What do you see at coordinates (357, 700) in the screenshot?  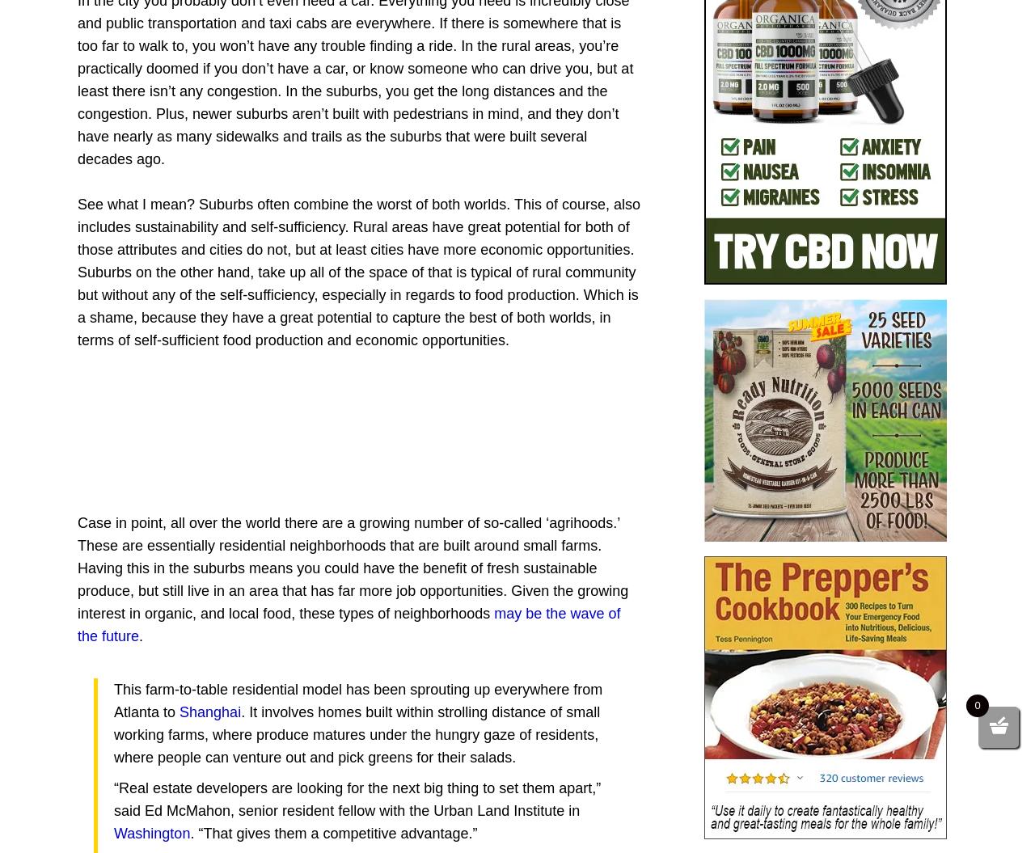 I see `'This farm-to-table residential model has been sprouting up everywhere from Atlanta to'` at bounding box center [357, 700].